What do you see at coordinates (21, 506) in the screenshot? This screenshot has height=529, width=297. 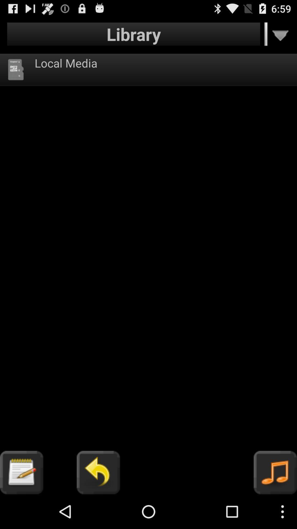 I see `the edit icon` at bounding box center [21, 506].